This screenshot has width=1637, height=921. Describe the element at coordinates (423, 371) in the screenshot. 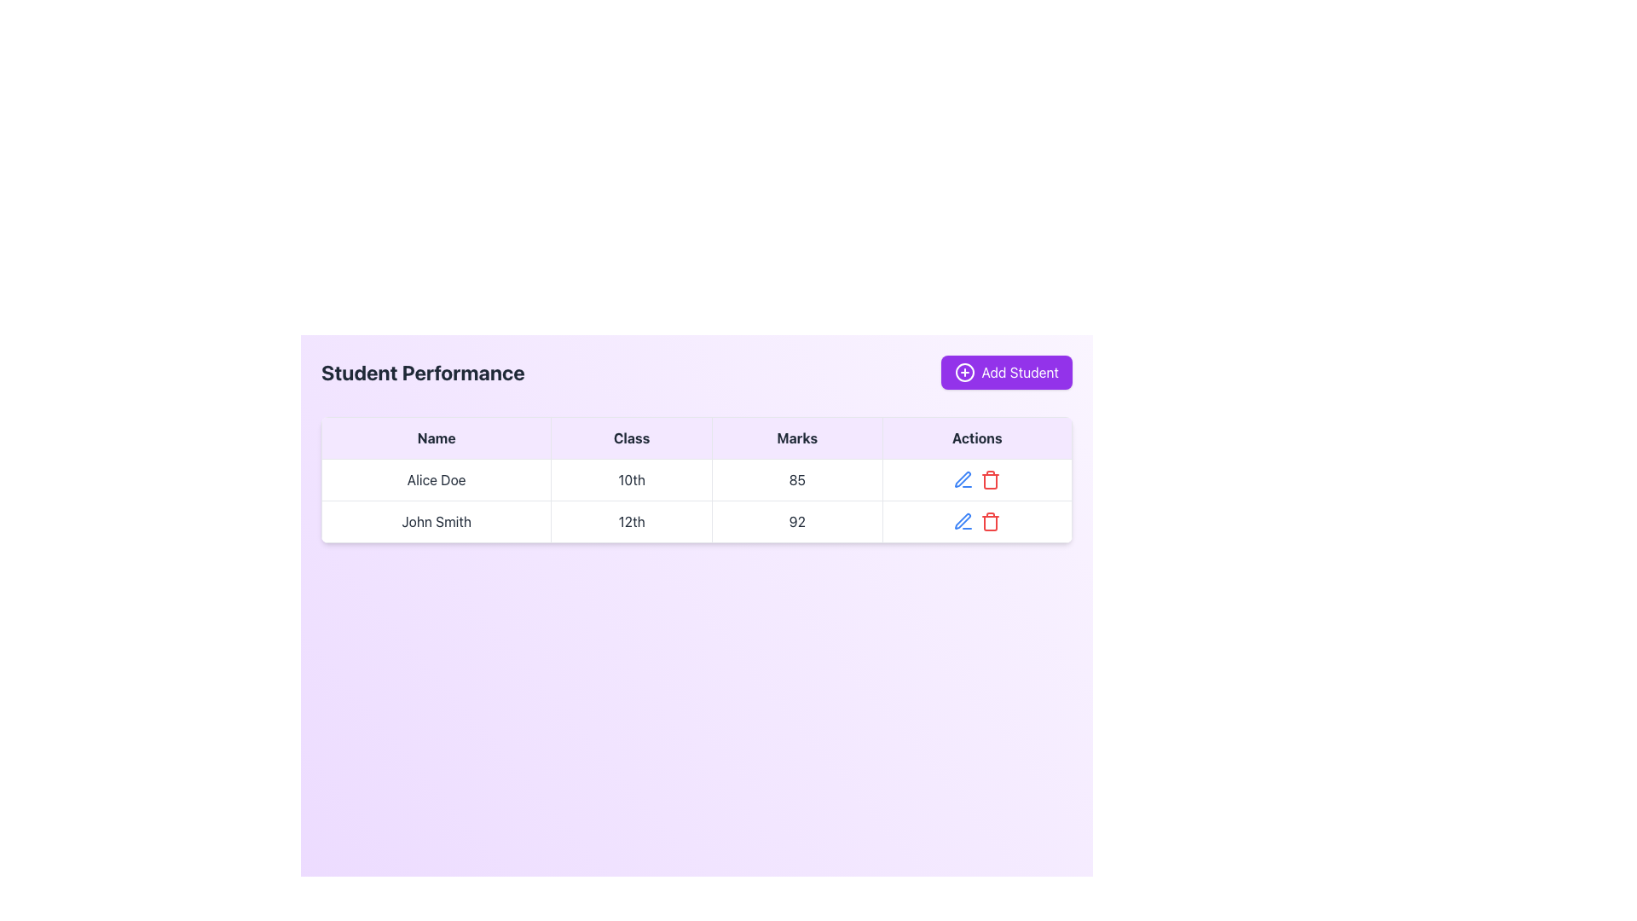

I see `on the static heading text label that denotes the section for student performance` at that location.